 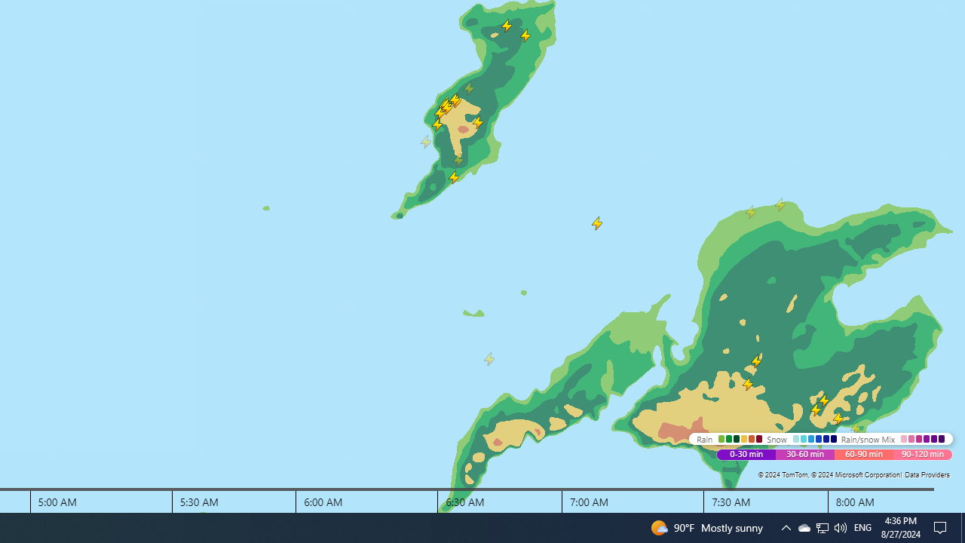 What do you see at coordinates (821, 526) in the screenshot?
I see `'Q2790: 100%'` at bounding box center [821, 526].